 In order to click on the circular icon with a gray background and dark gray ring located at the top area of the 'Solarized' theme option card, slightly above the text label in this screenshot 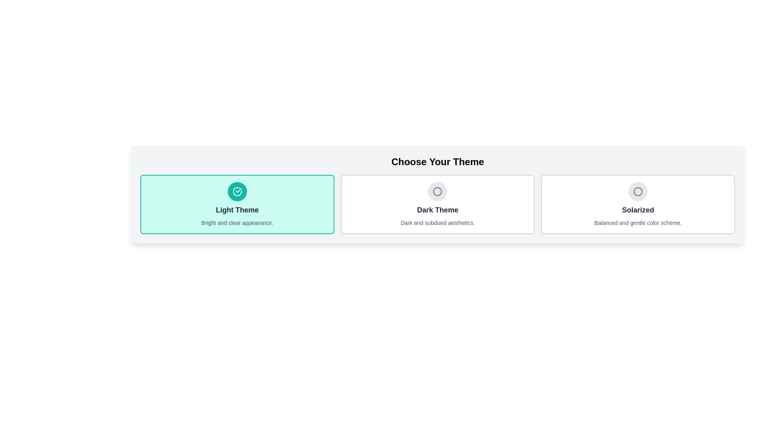, I will do `click(638, 192)`.